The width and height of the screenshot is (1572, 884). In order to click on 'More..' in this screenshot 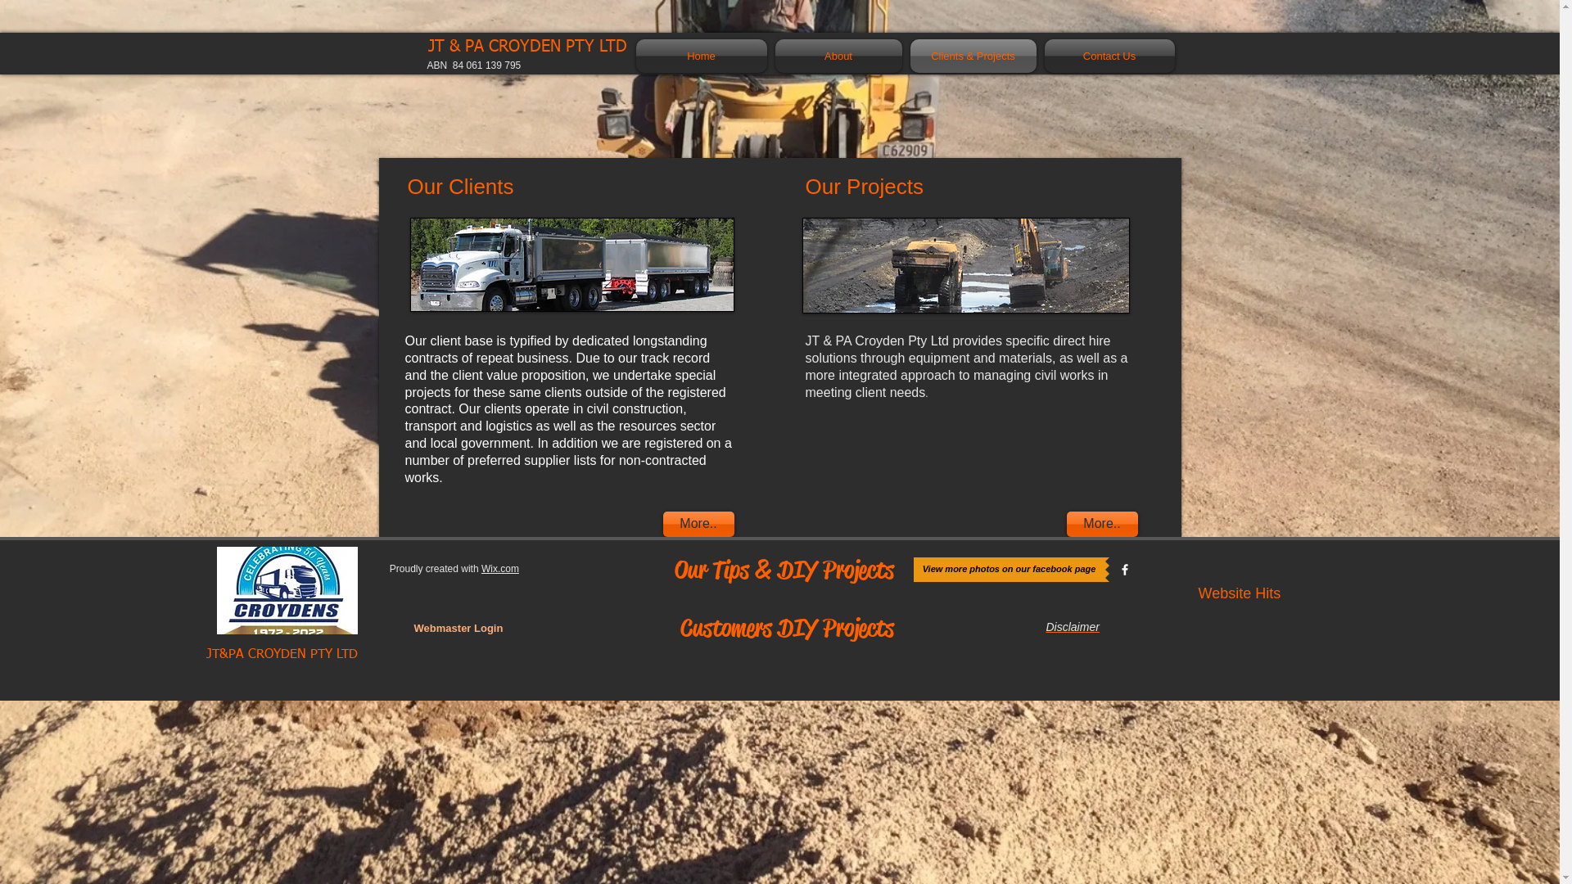, I will do `click(1101, 524)`.